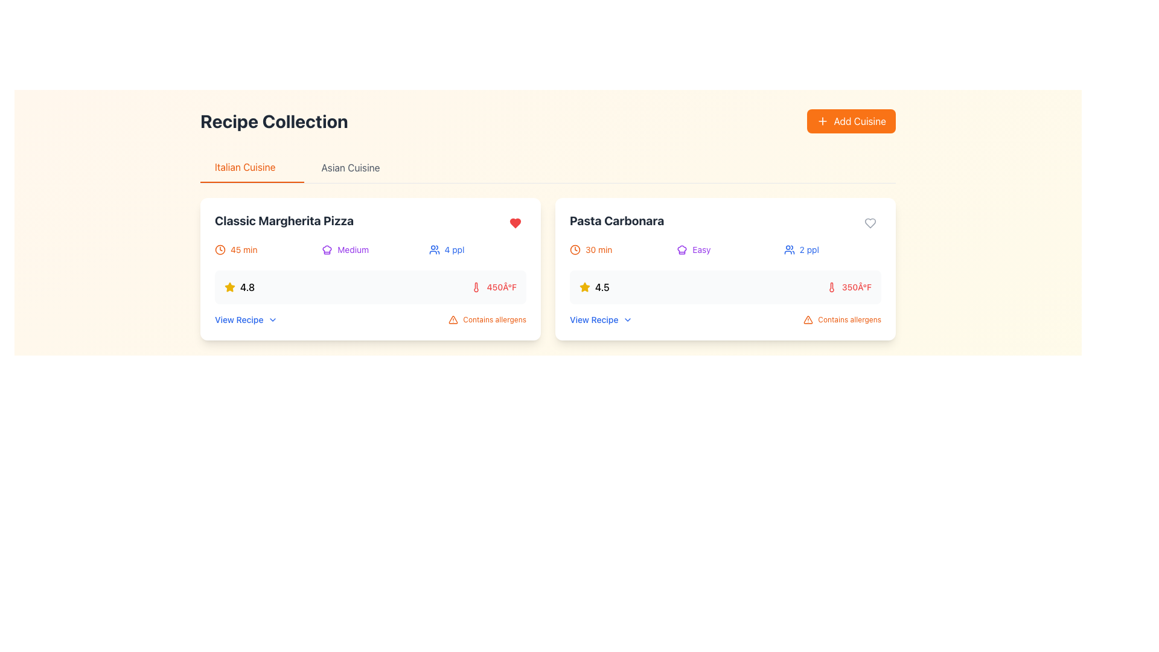 The width and height of the screenshot is (1159, 652). Describe the element at coordinates (682, 249) in the screenshot. I see `the chef's hat SVG icon, which is part of the 'Easy' label in the 'Pasta Carbonara' card` at that location.